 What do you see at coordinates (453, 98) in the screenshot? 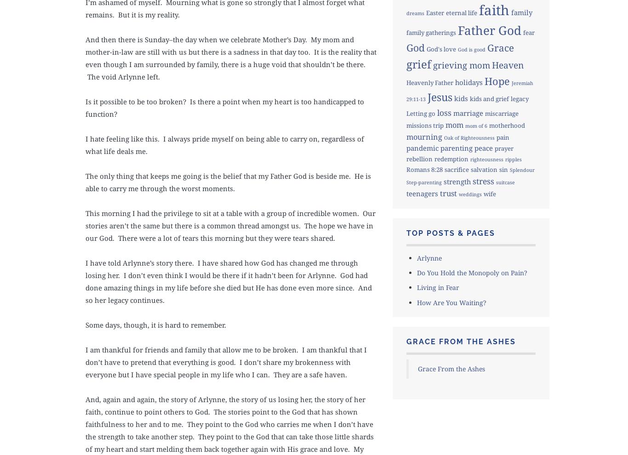
I see `'kids'` at bounding box center [453, 98].